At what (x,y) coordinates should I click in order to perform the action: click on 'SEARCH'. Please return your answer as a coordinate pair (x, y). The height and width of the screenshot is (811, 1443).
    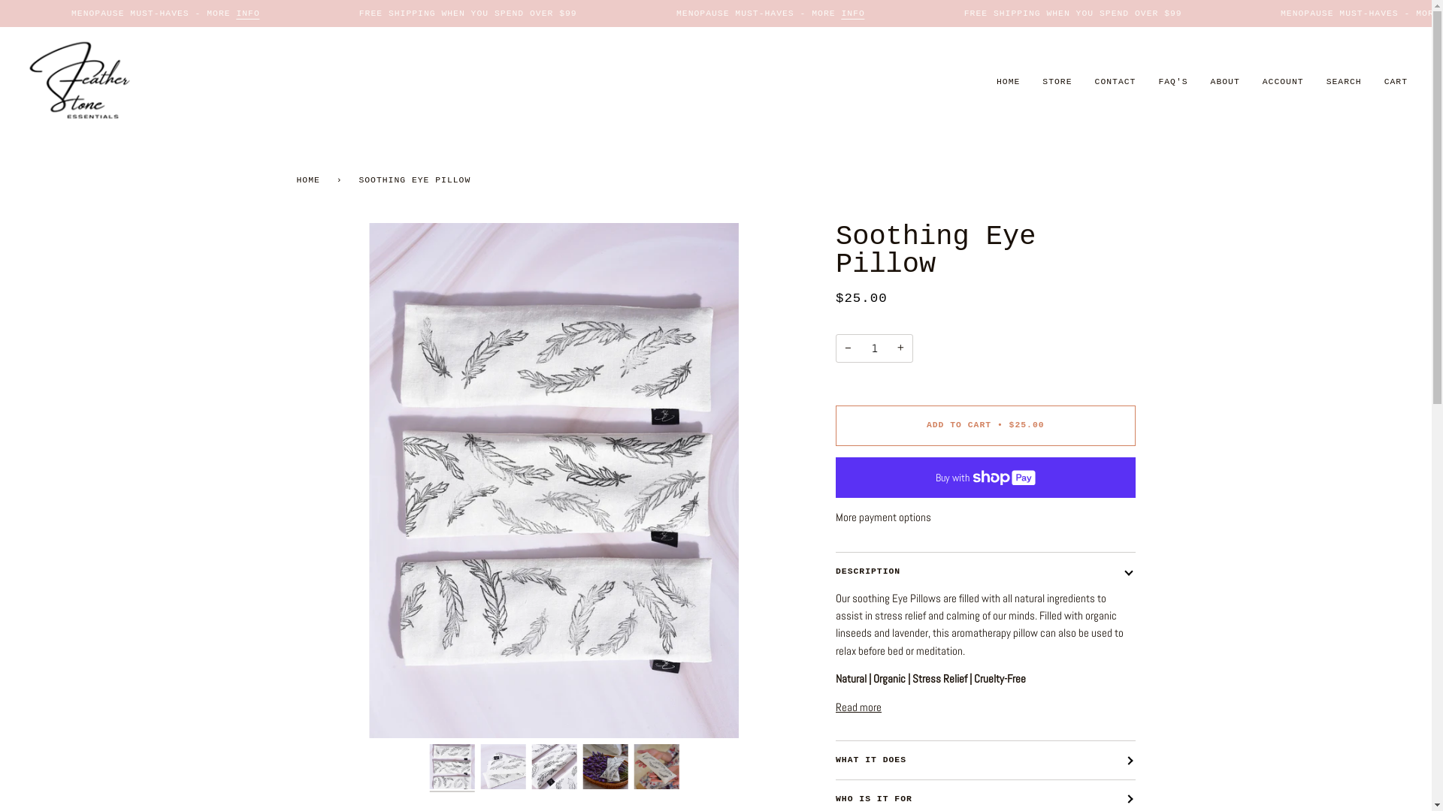
    Looking at the image, I should click on (1314, 81).